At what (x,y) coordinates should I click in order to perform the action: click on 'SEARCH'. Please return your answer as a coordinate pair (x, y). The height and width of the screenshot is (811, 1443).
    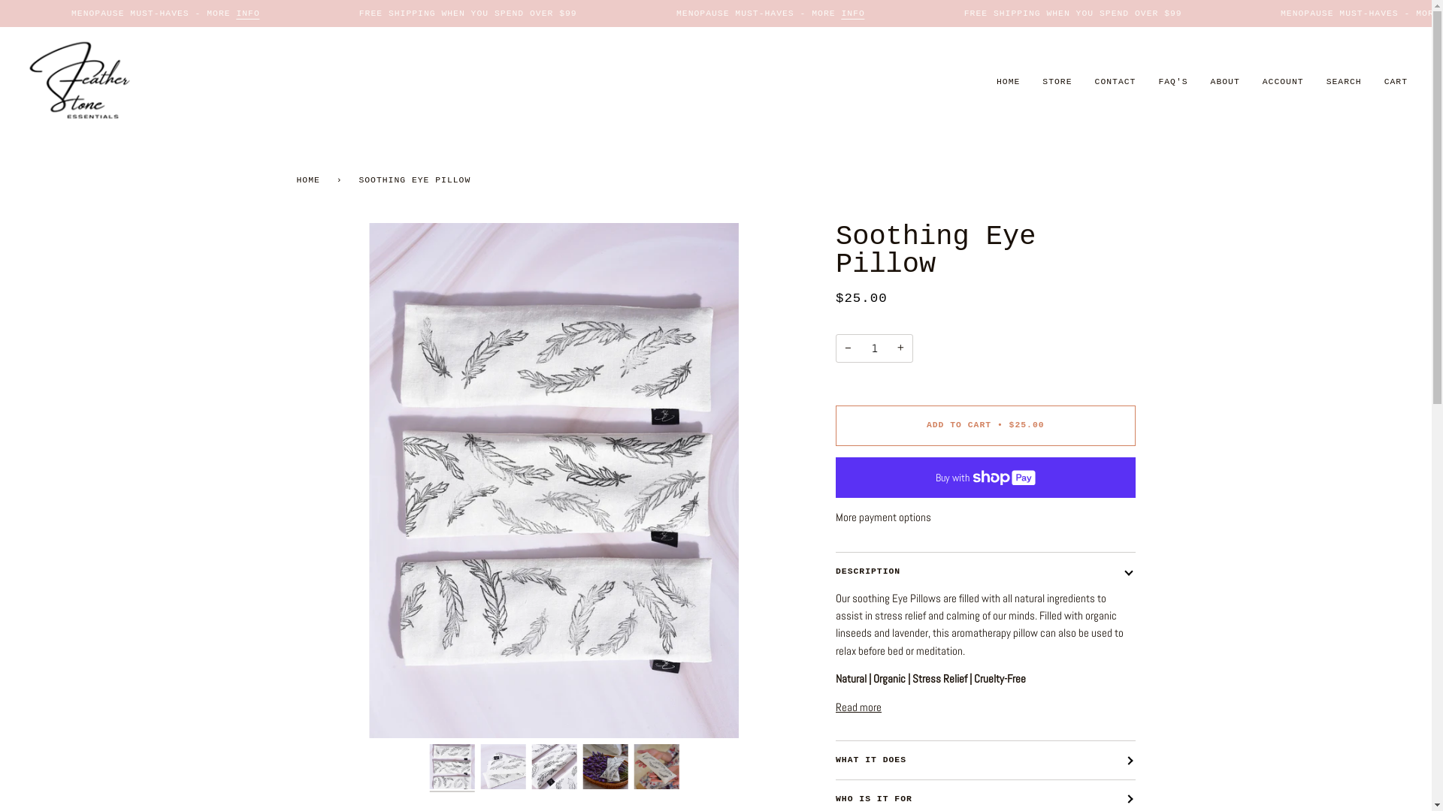
    Looking at the image, I should click on (1314, 81).